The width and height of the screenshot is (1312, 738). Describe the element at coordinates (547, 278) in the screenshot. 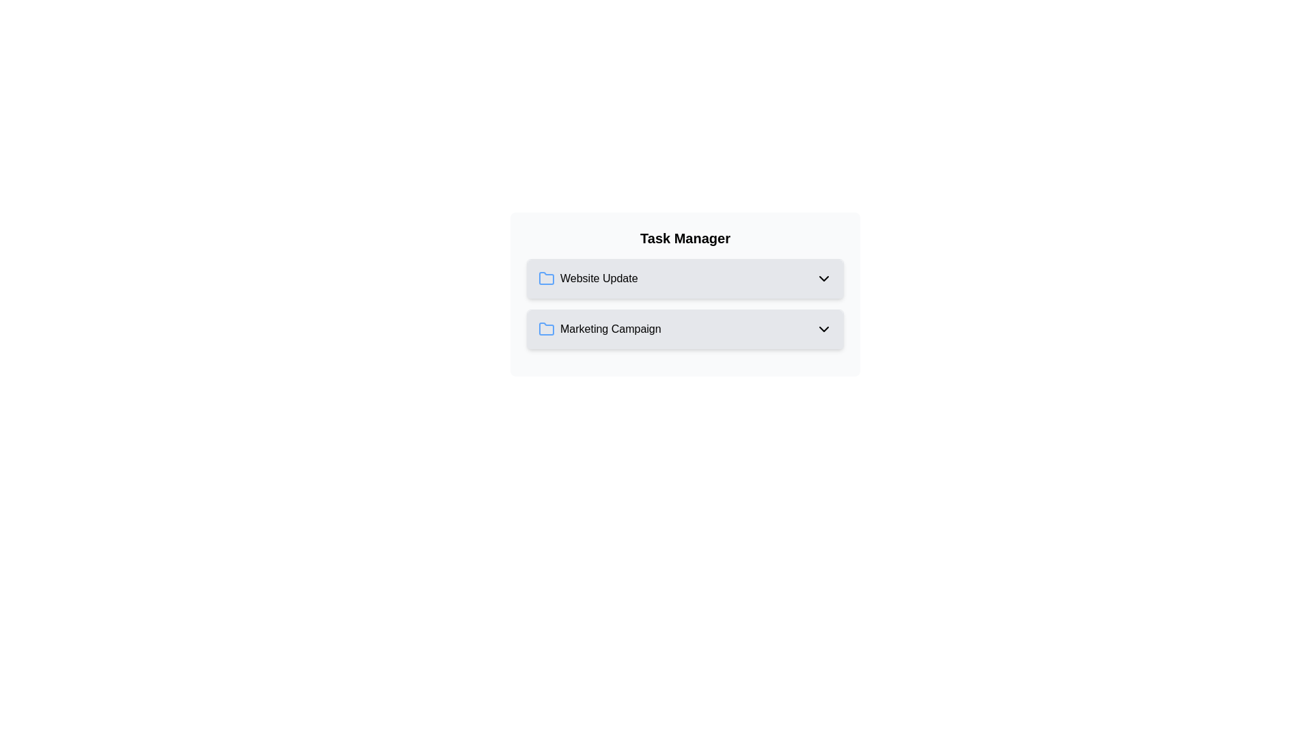

I see `the folder icon for the 'Website Update' task` at that location.